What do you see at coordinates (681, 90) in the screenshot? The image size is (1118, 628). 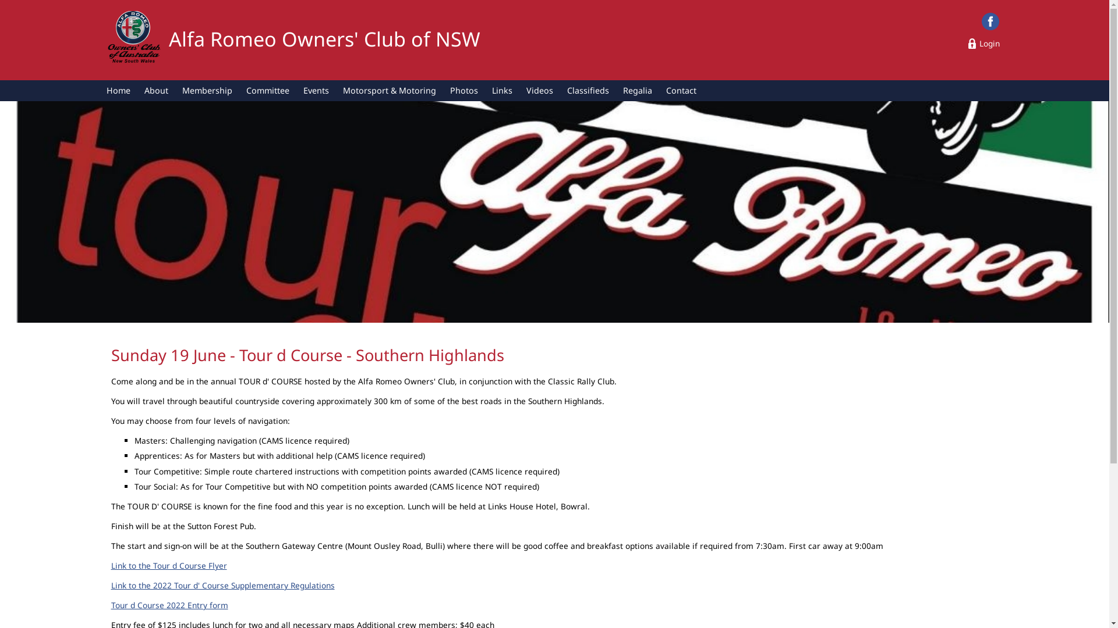 I see `'Contact'` at bounding box center [681, 90].